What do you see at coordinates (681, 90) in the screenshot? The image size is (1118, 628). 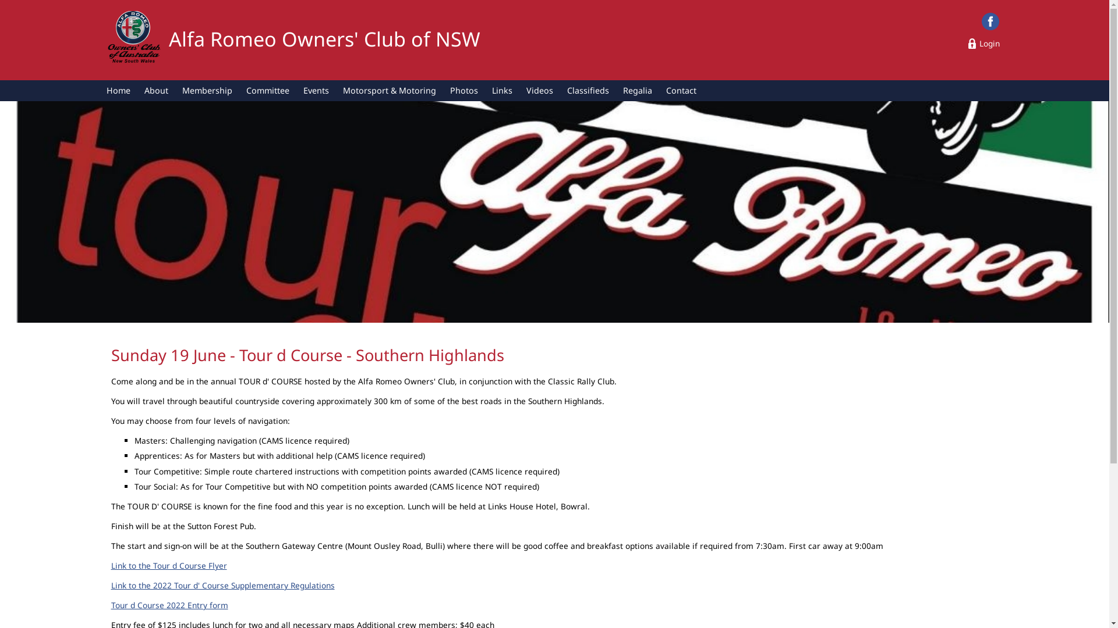 I see `'Contact'` at bounding box center [681, 90].